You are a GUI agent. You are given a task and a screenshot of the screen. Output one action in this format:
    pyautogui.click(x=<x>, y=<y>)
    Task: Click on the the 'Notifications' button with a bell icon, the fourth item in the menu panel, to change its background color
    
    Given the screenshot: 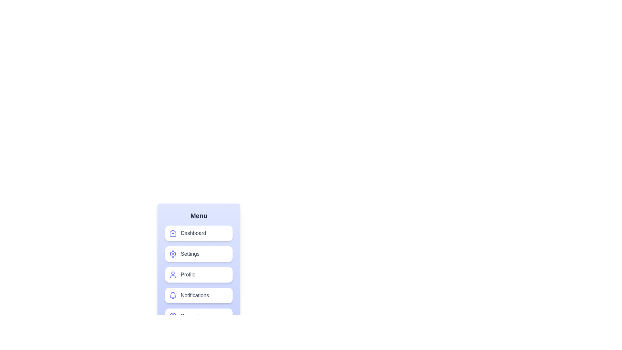 What is the action you would take?
    pyautogui.click(x=199, y=295)
    